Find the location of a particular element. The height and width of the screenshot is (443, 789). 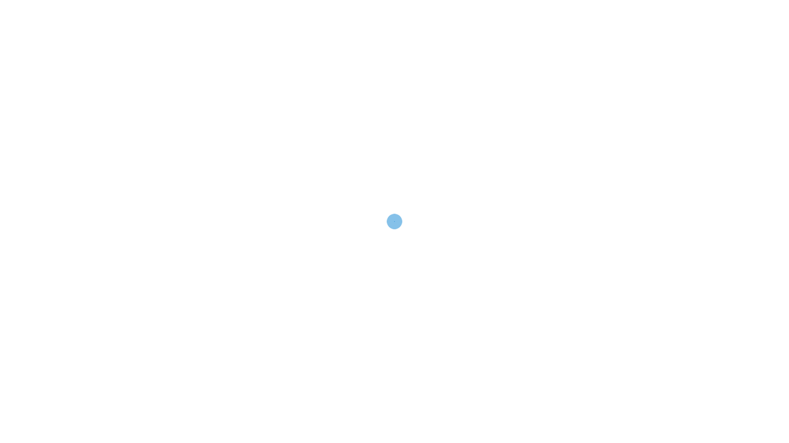

'CAREERS' is located at coordinates (435, 54).